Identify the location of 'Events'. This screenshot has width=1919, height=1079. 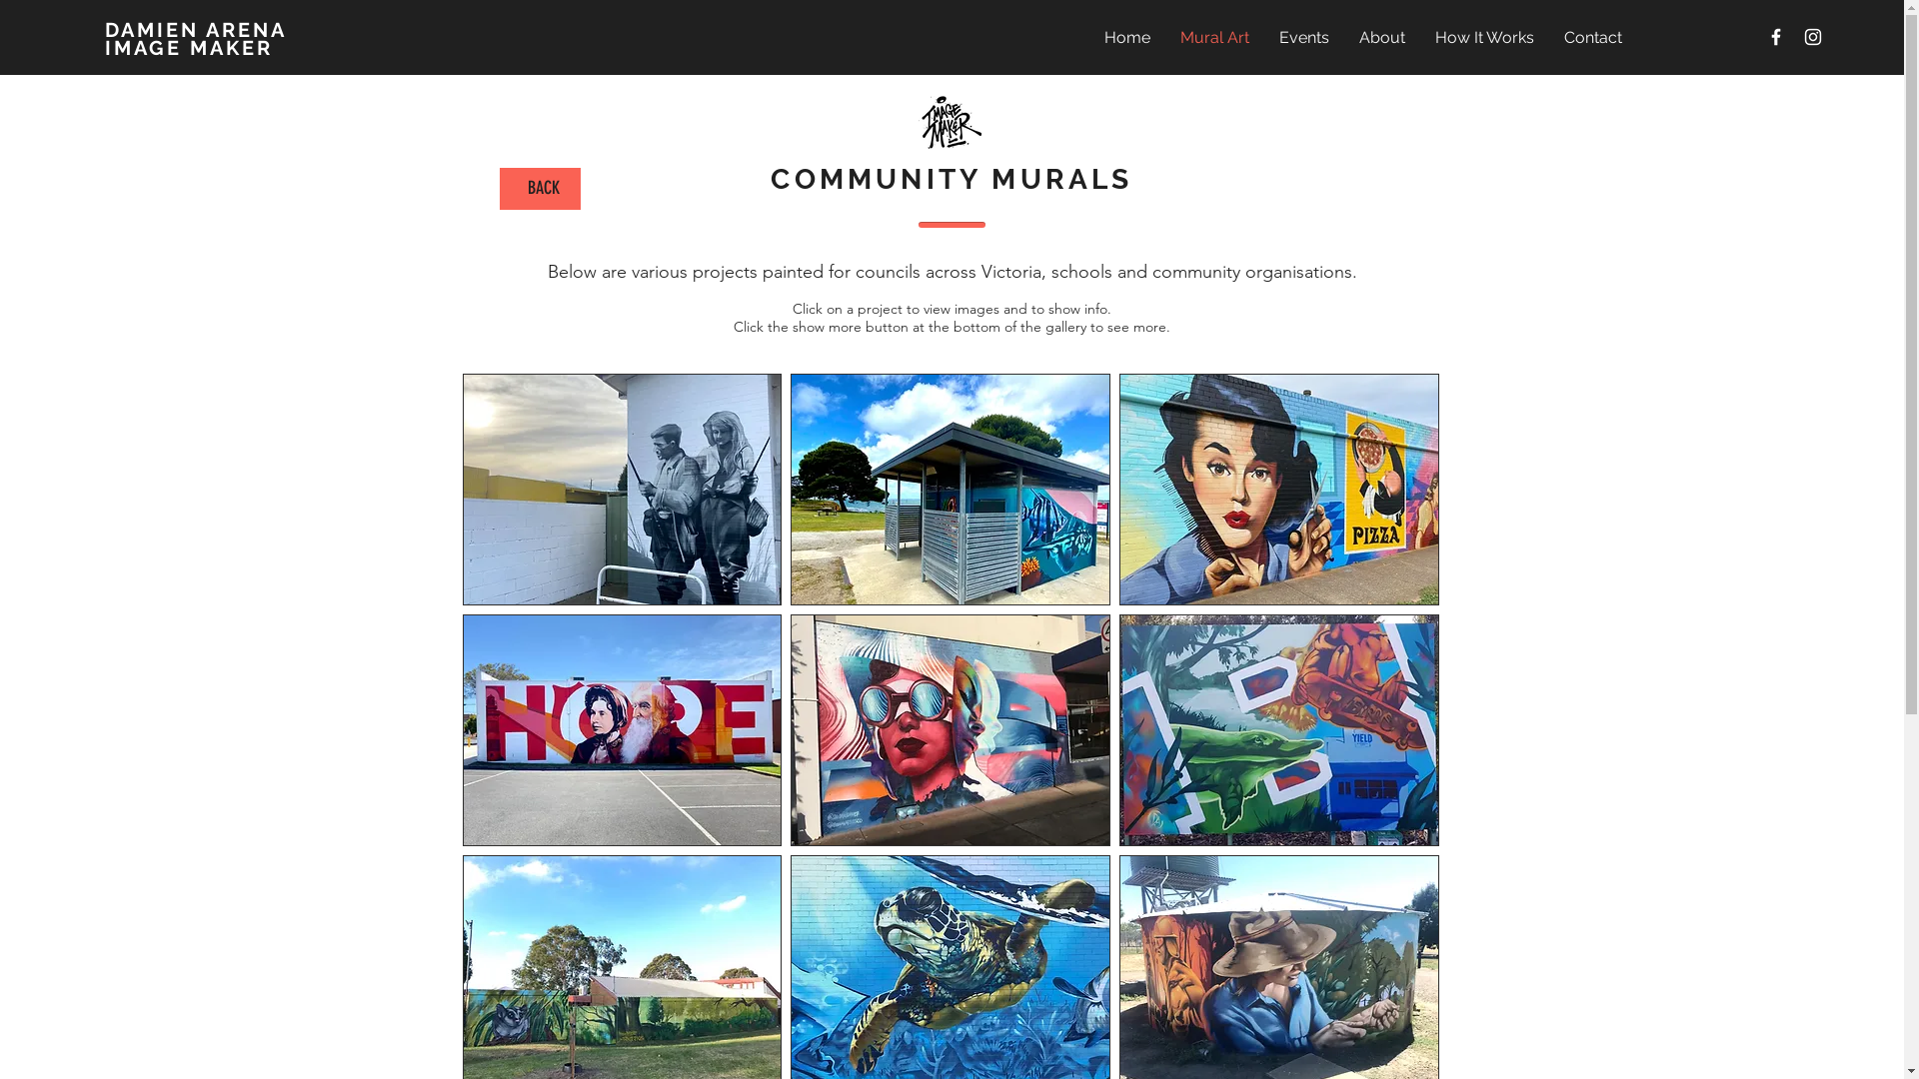
(1304, 37).